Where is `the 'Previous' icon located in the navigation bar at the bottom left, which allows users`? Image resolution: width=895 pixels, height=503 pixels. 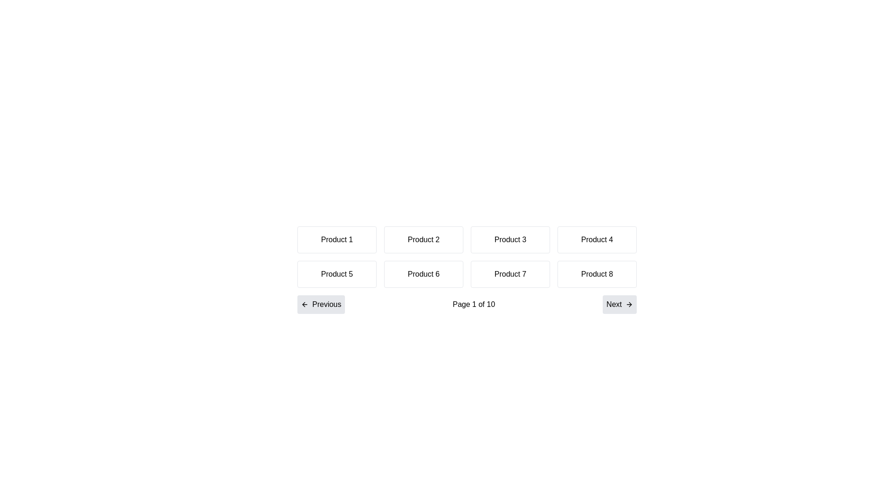 the 'Previous' icon located in the navigation bar at the bottom left, which allows users is located at coordinates (303, 305).